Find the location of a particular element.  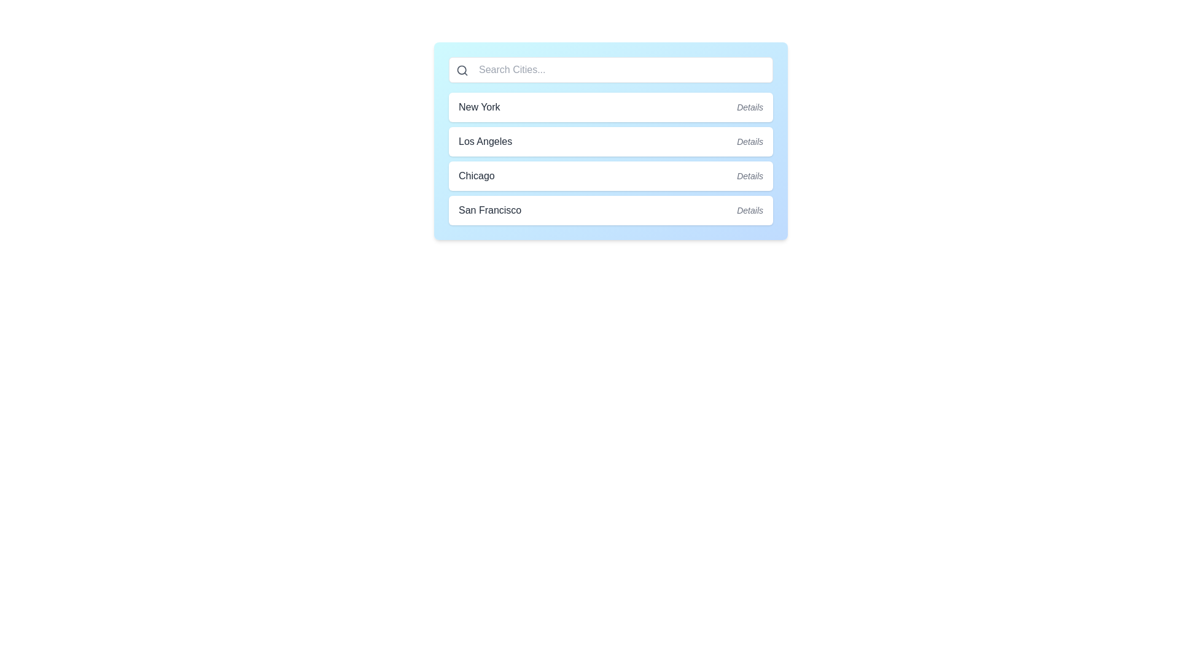

the magnifying glass icon located on the left side of the search bar at the top of the panel is located at coordinates (462, 71).